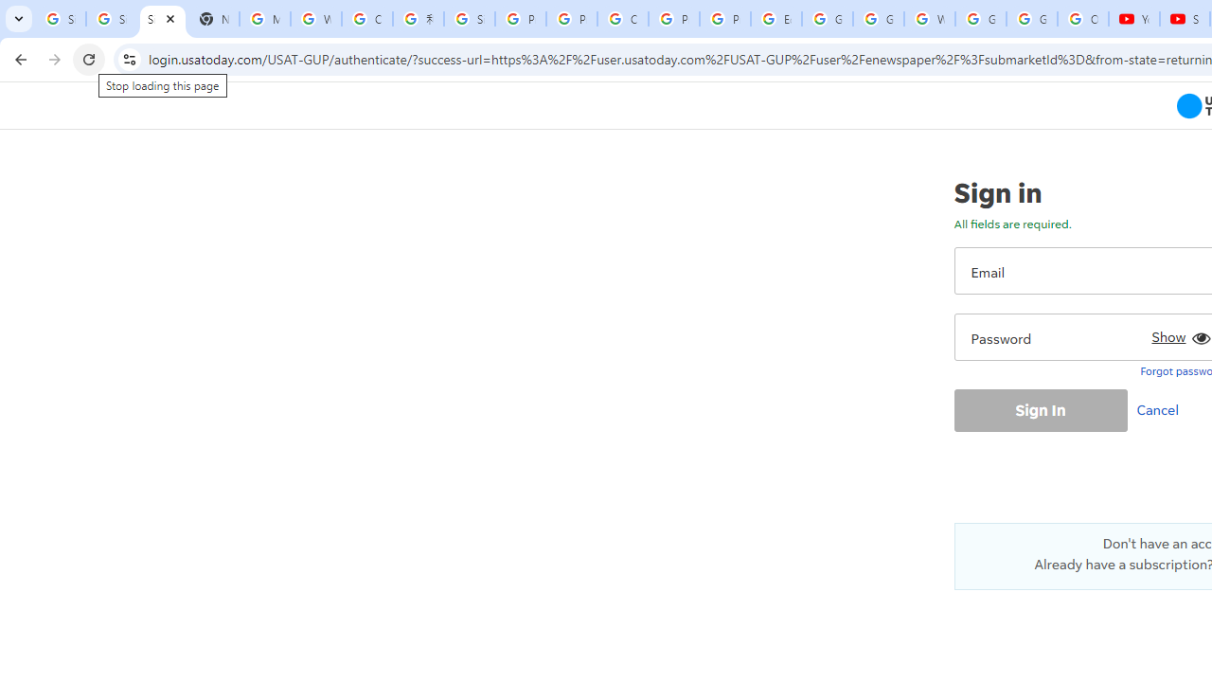 This screenshot has width=1212, height=682. Describe the element at coordinates (316, 19) in the screenshot. I see `'Who is my administrator? - Google Account Help'` at that location.